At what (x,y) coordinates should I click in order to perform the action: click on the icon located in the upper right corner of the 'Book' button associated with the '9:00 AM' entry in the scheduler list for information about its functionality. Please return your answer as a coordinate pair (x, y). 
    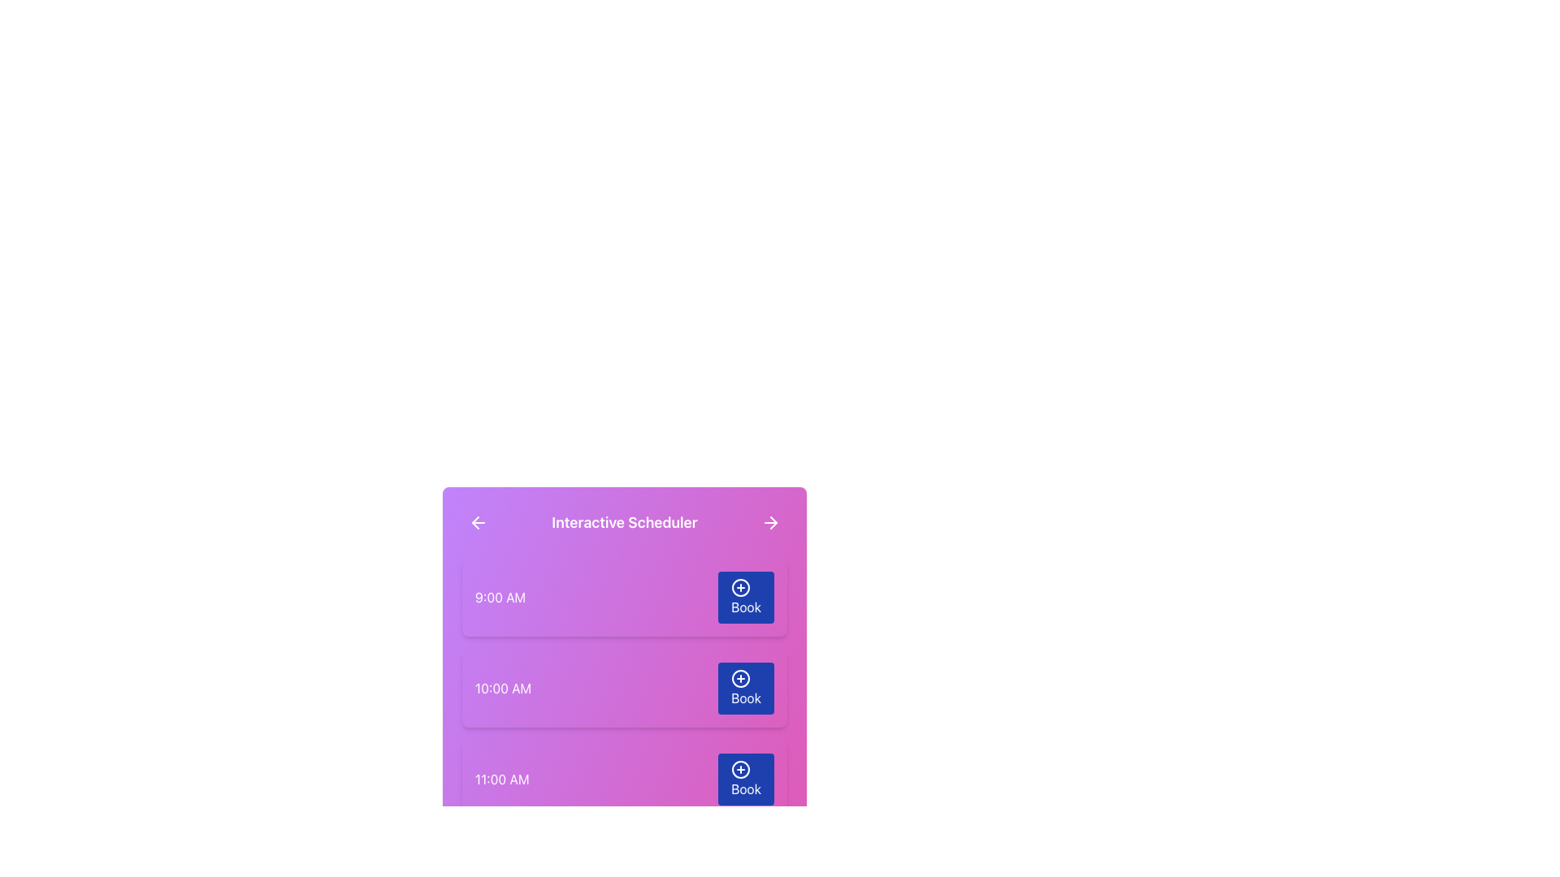
    Looking at the image, I should click on (740, 588).